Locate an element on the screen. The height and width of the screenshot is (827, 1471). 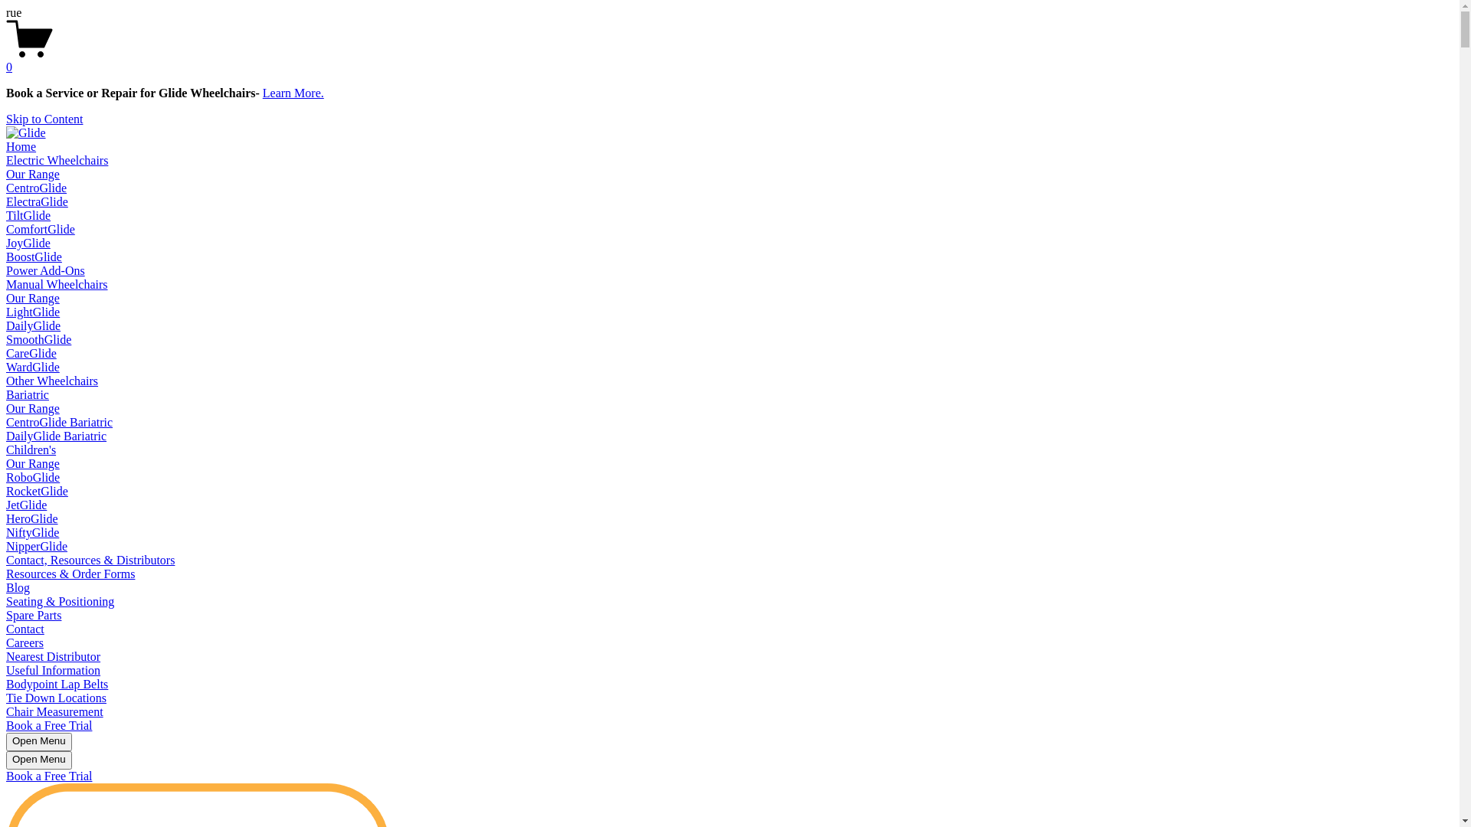
'DailyGlide Bariatric' is located at coordinates (56, 436).